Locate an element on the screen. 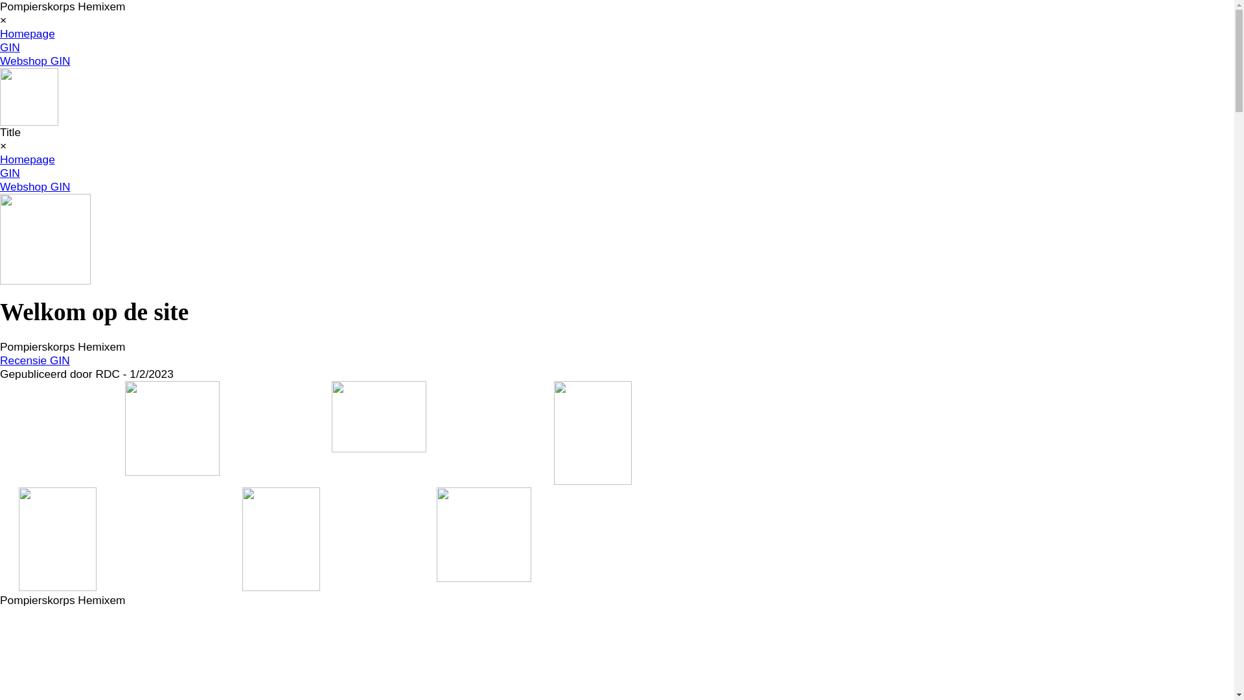  'GIN' is located at coordinates (0, 172).